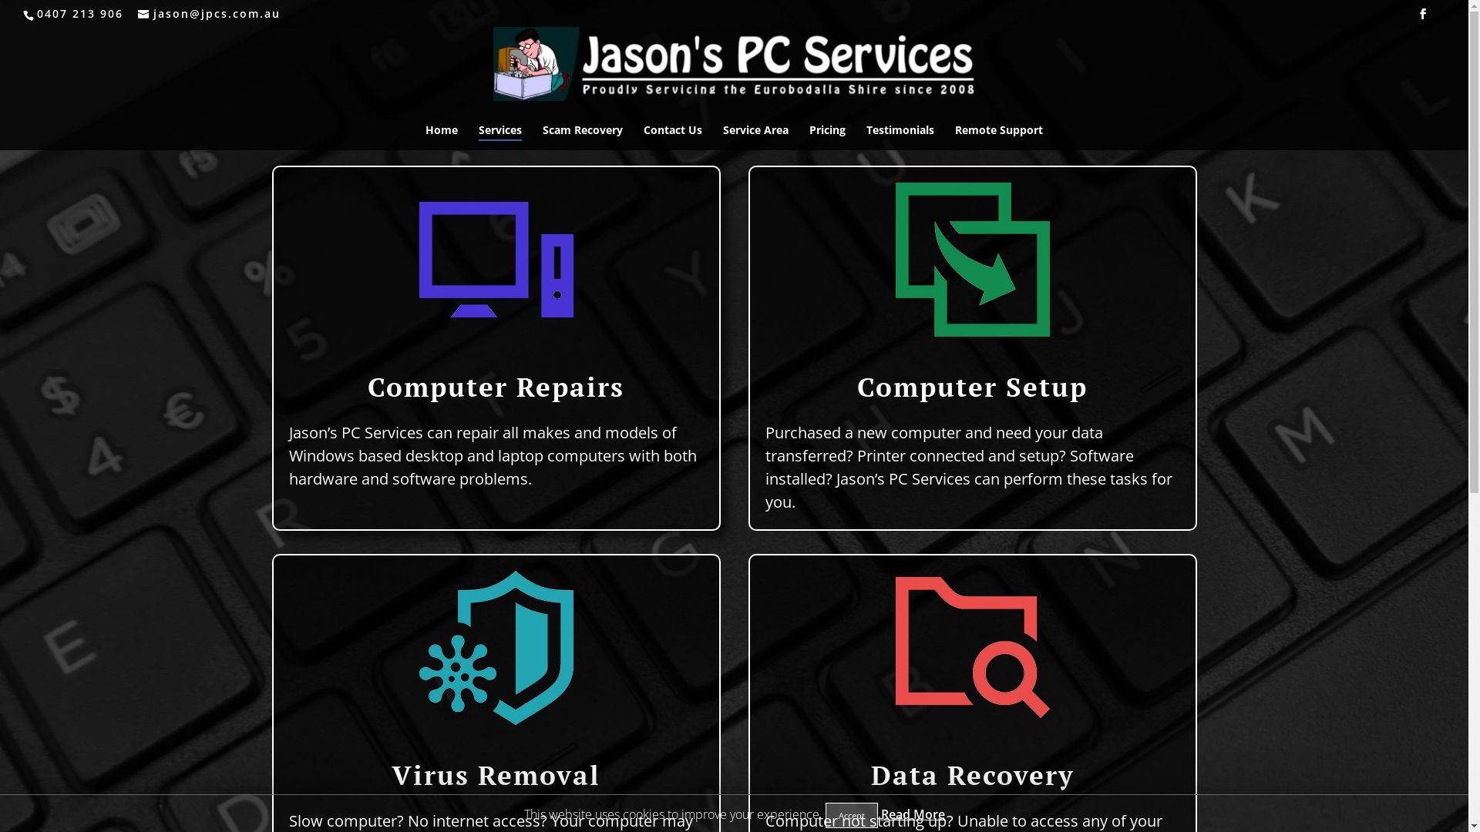 This screenshot has height=832, width=1480. Describe the element at coordinates (137, 13) in the screenshot. I see `'jason@jpcs.com.au'` at that location.